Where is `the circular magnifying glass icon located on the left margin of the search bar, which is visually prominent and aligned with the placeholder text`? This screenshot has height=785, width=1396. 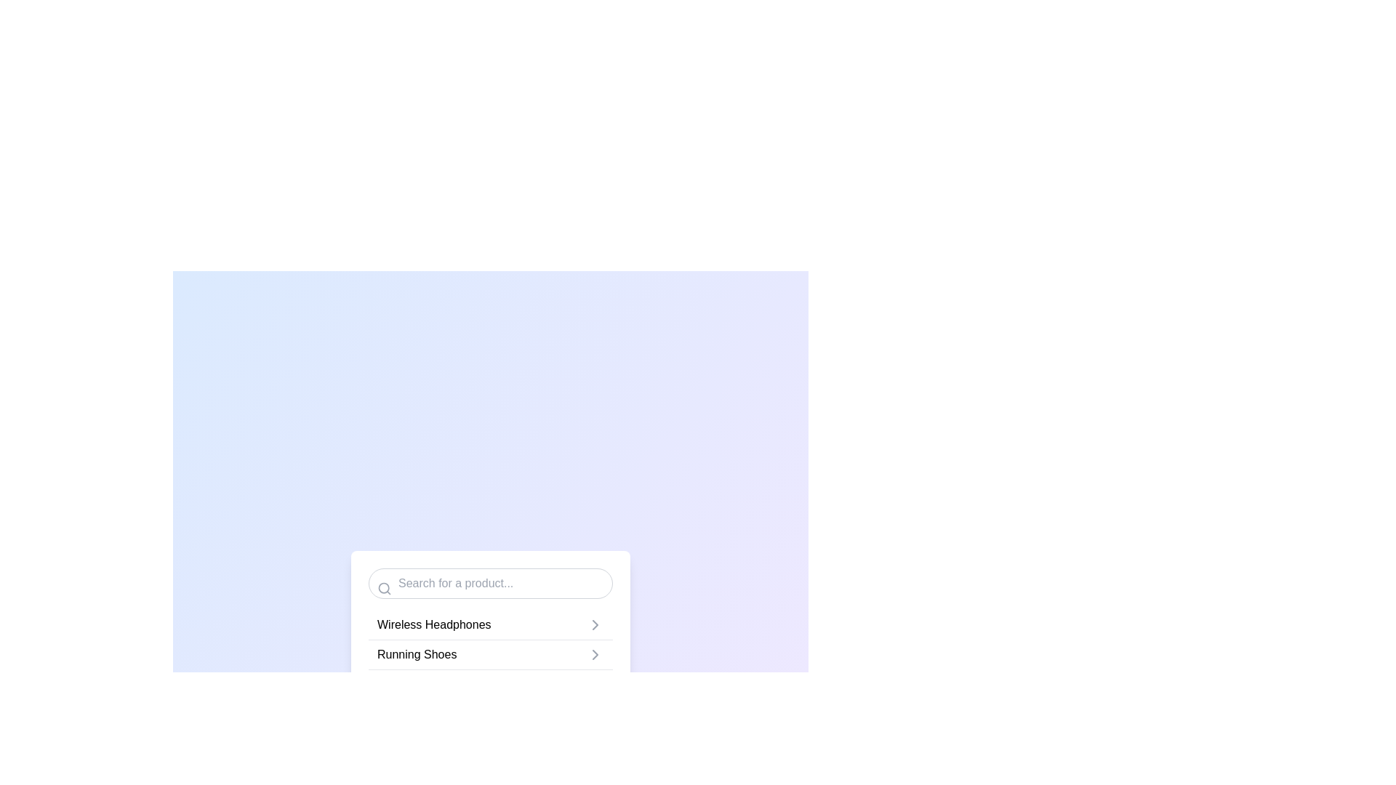
the circular magnifying glass icon located on the left margin of the search bar, which is visually prominent and aligned with the placeholder text is located at coordinates (384, 589).